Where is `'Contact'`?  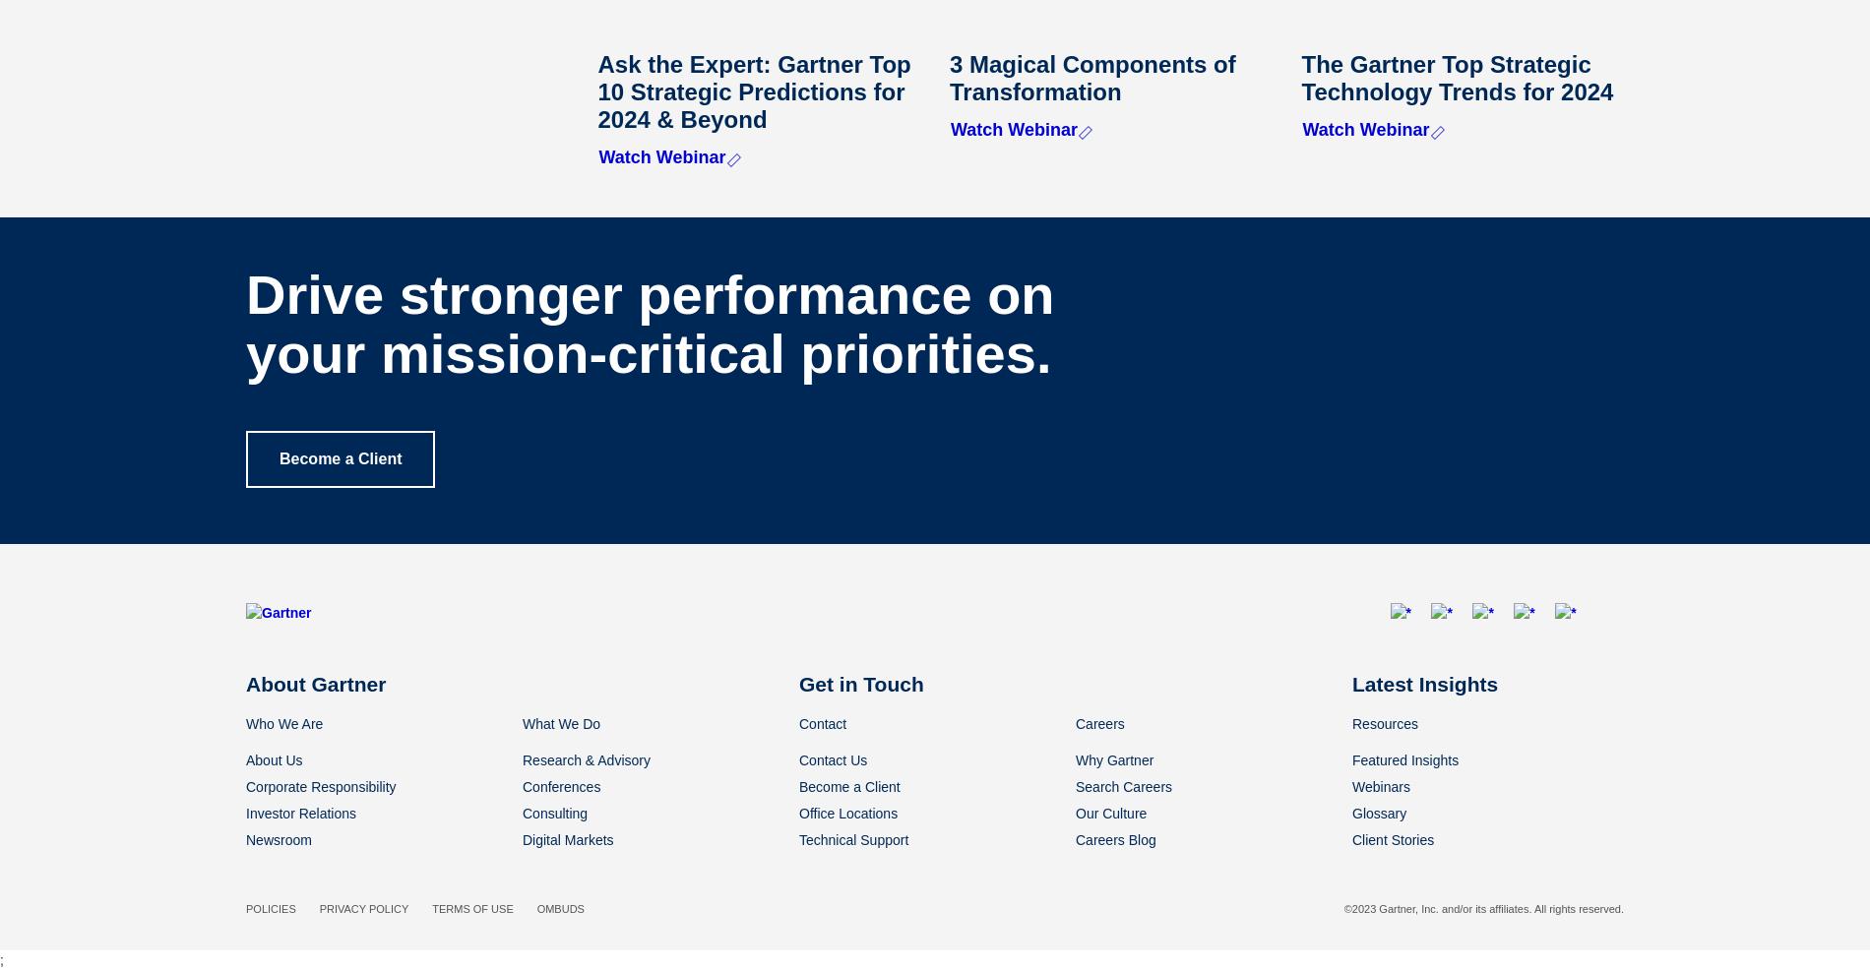
'Contact' is located at coordinates (822, 723).